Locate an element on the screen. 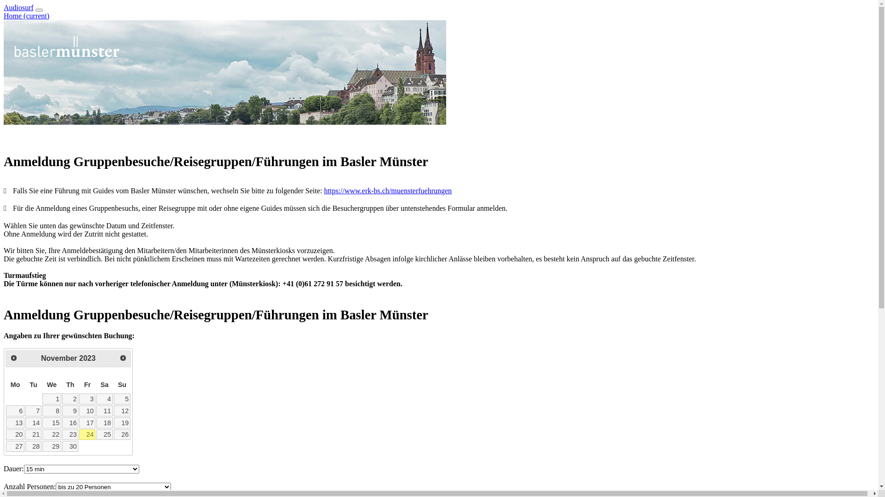 This screenshot has height=497, width=885. '6' is located at coordinates (15, 410).